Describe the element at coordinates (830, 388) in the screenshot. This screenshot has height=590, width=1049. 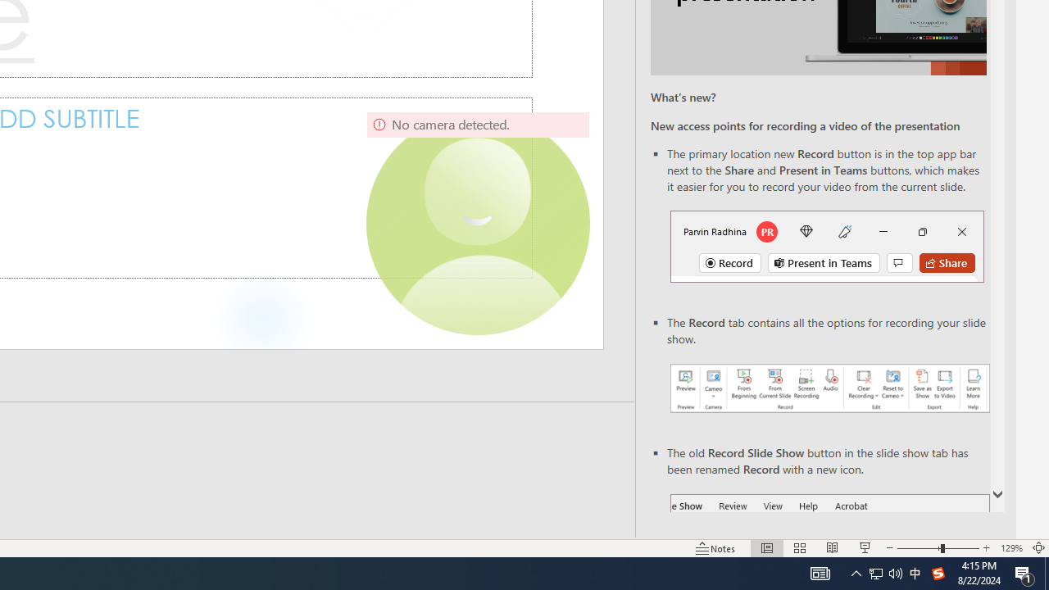
I see `'Record your presentations screenshot one'` at that location.